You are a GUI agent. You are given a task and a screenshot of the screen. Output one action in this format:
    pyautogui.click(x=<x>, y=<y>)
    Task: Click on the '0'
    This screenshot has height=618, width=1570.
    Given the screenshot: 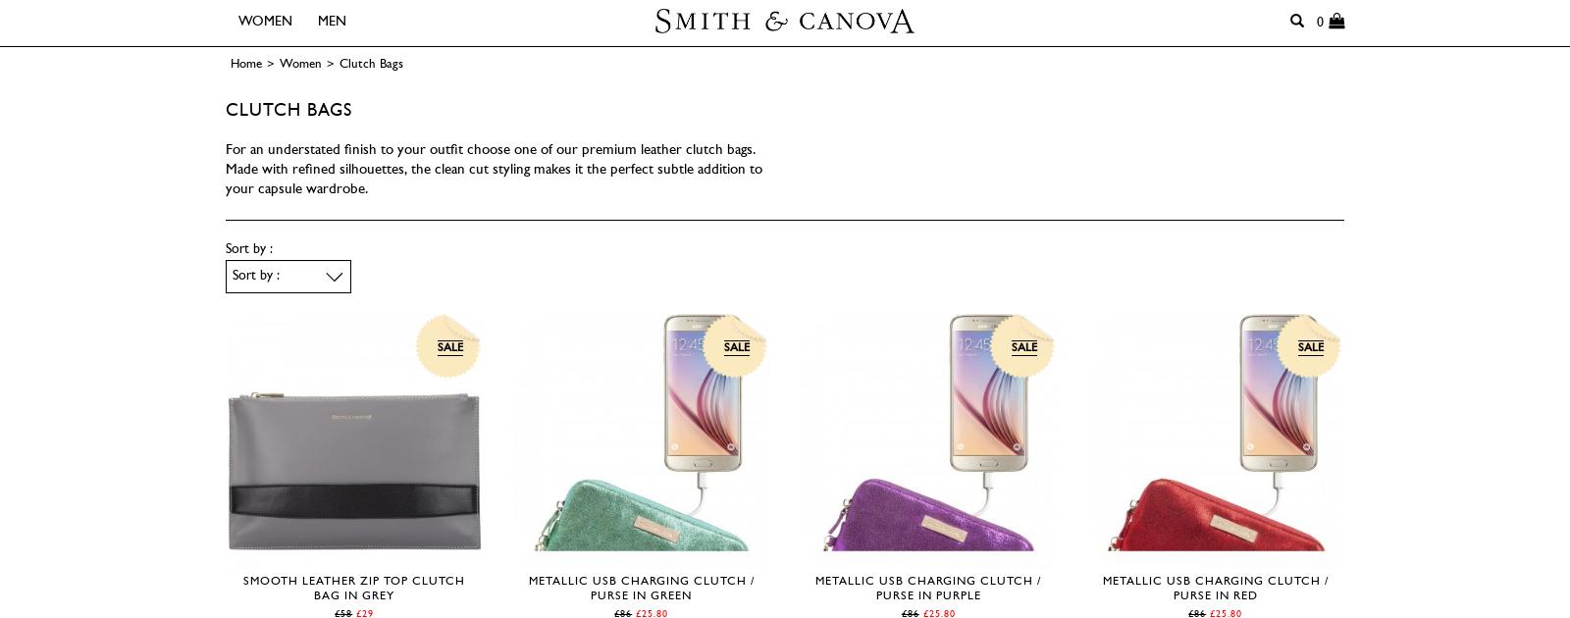 What is the action you would take?
    pyautogui.click(x=1321, y=22)
    